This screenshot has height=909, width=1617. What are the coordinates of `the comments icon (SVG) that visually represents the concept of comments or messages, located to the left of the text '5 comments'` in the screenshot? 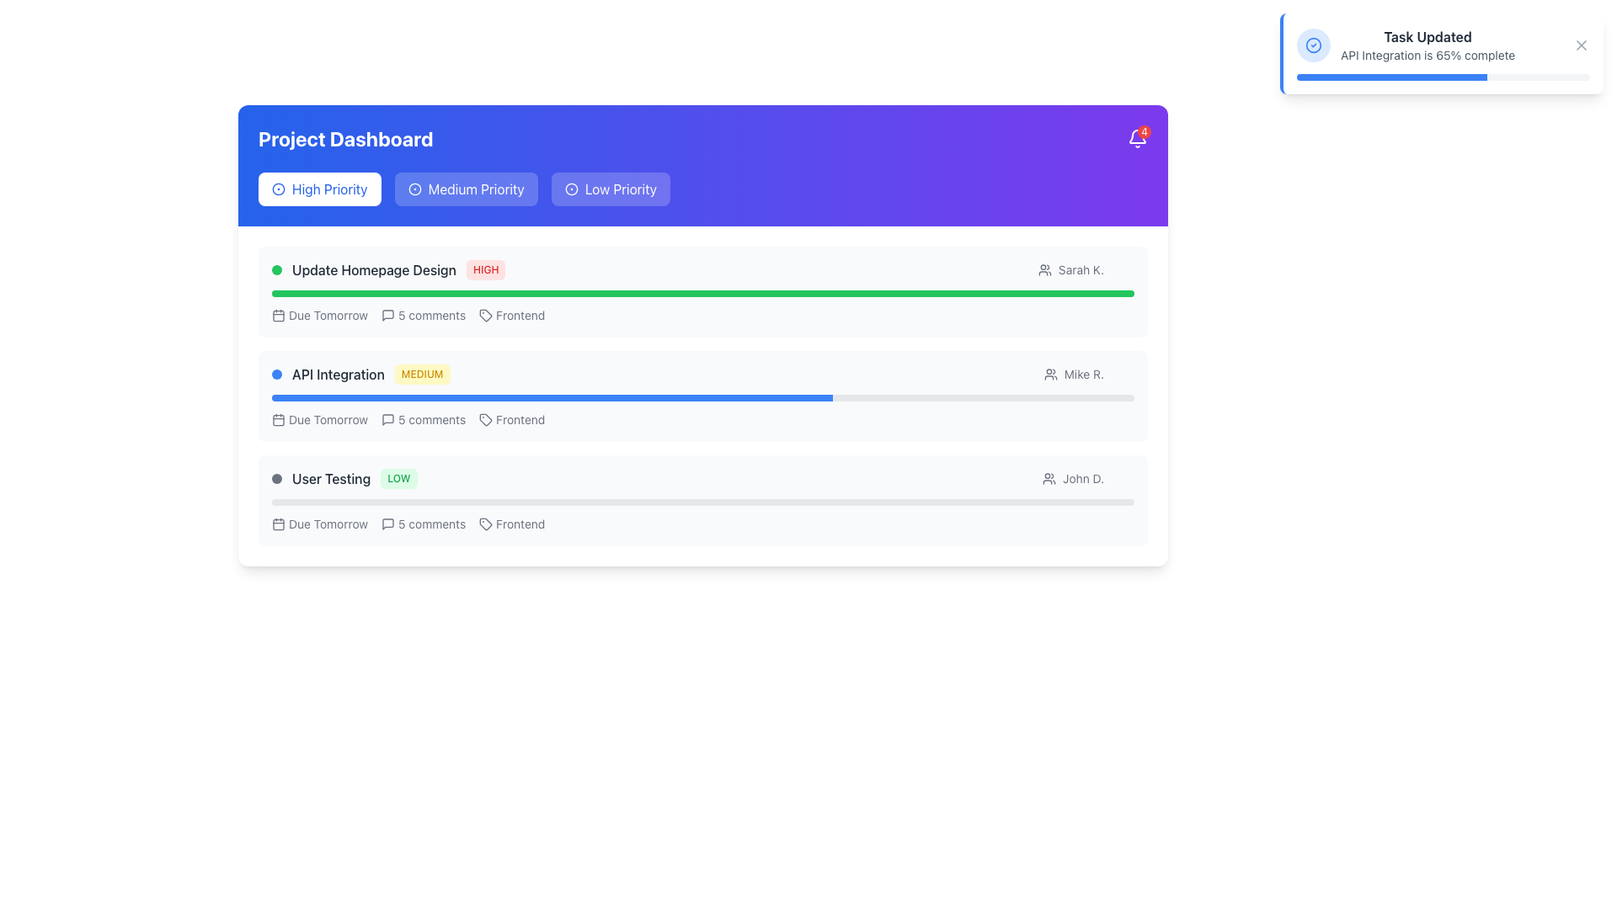 It's located at (387, 315).